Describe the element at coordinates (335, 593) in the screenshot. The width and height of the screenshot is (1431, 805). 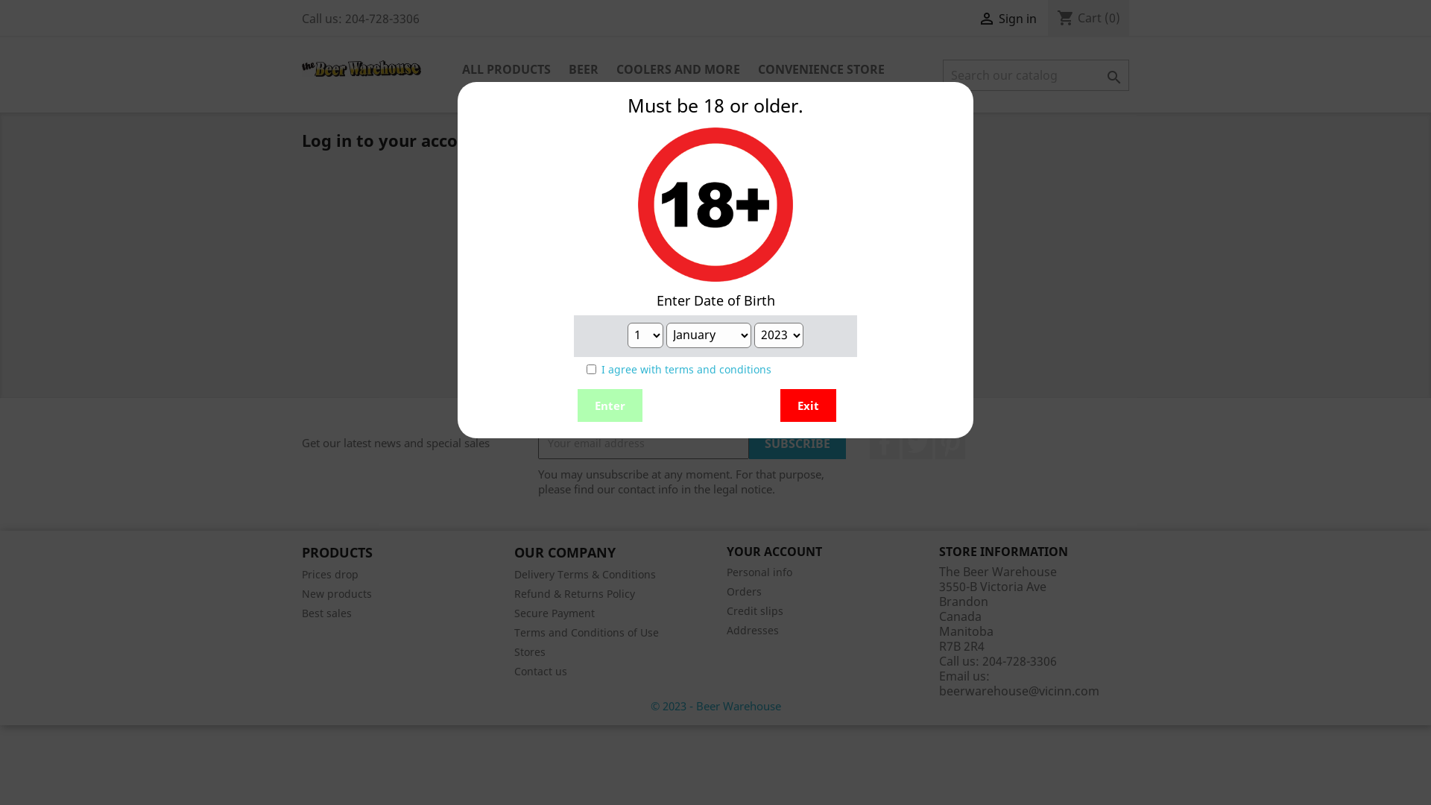
I see `'New products'` at that location.